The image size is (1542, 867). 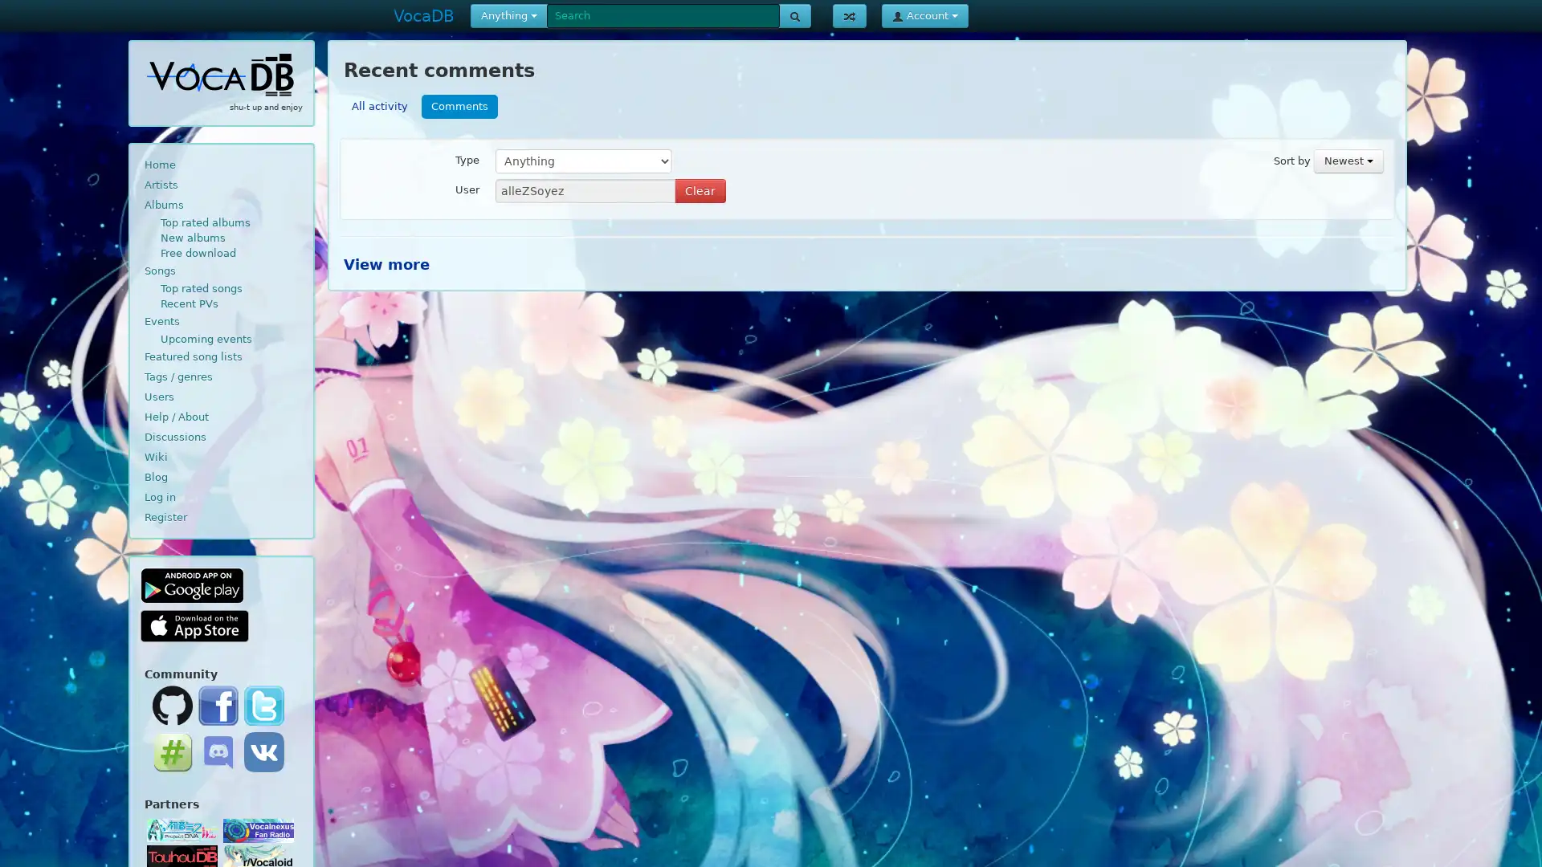 I want to click on Clear, so click(x=700, y=190).